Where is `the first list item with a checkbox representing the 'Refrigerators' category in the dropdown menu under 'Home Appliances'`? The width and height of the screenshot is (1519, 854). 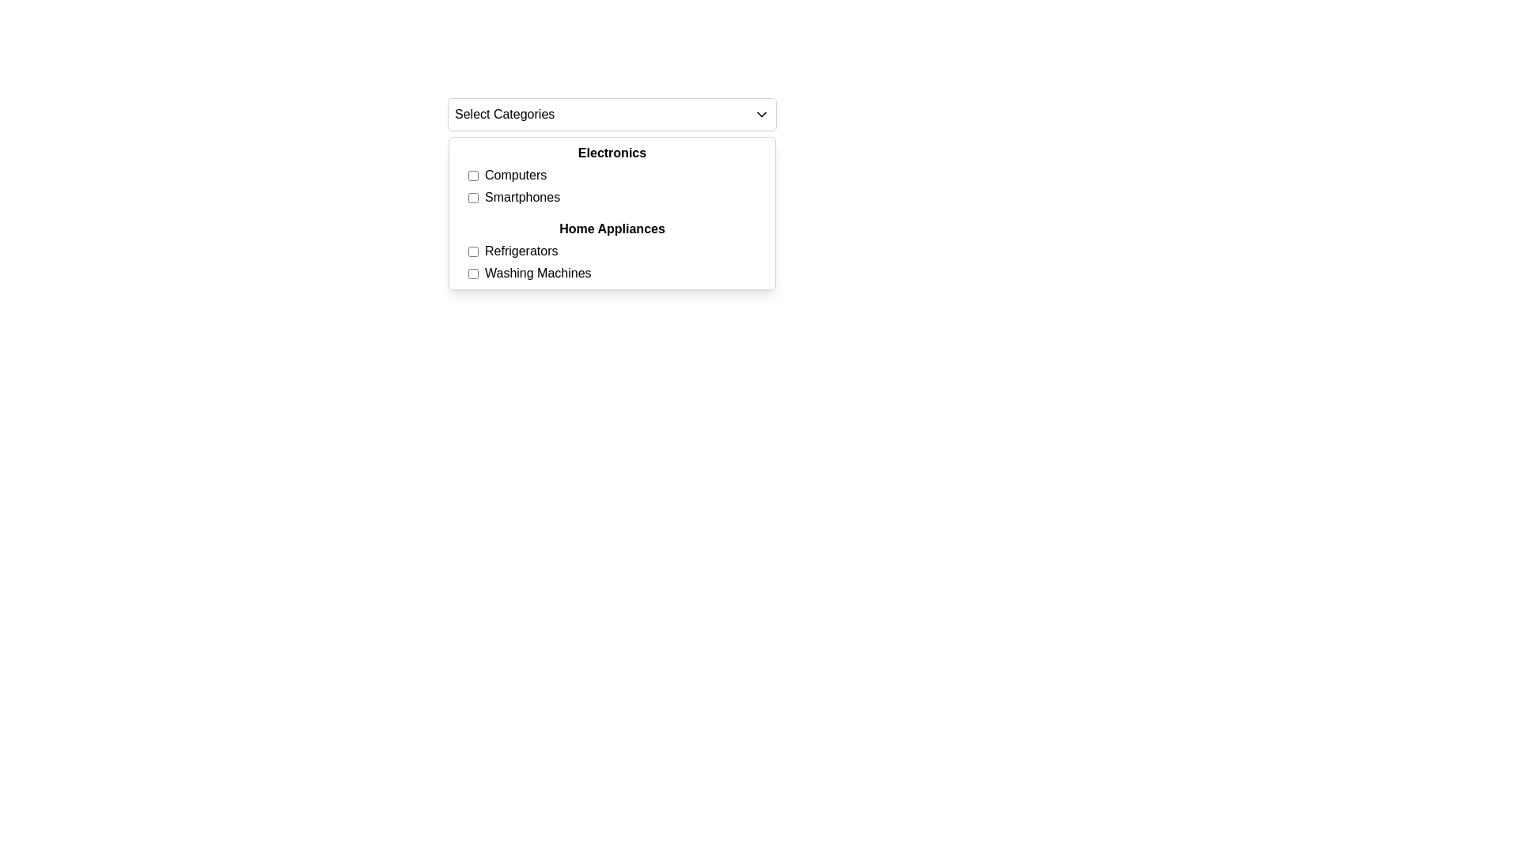
the first list item with a checkbox representing the 'Refrigerators' category in the dropdown menu under 'Home Appliances' is located at coordinates (618, 250).